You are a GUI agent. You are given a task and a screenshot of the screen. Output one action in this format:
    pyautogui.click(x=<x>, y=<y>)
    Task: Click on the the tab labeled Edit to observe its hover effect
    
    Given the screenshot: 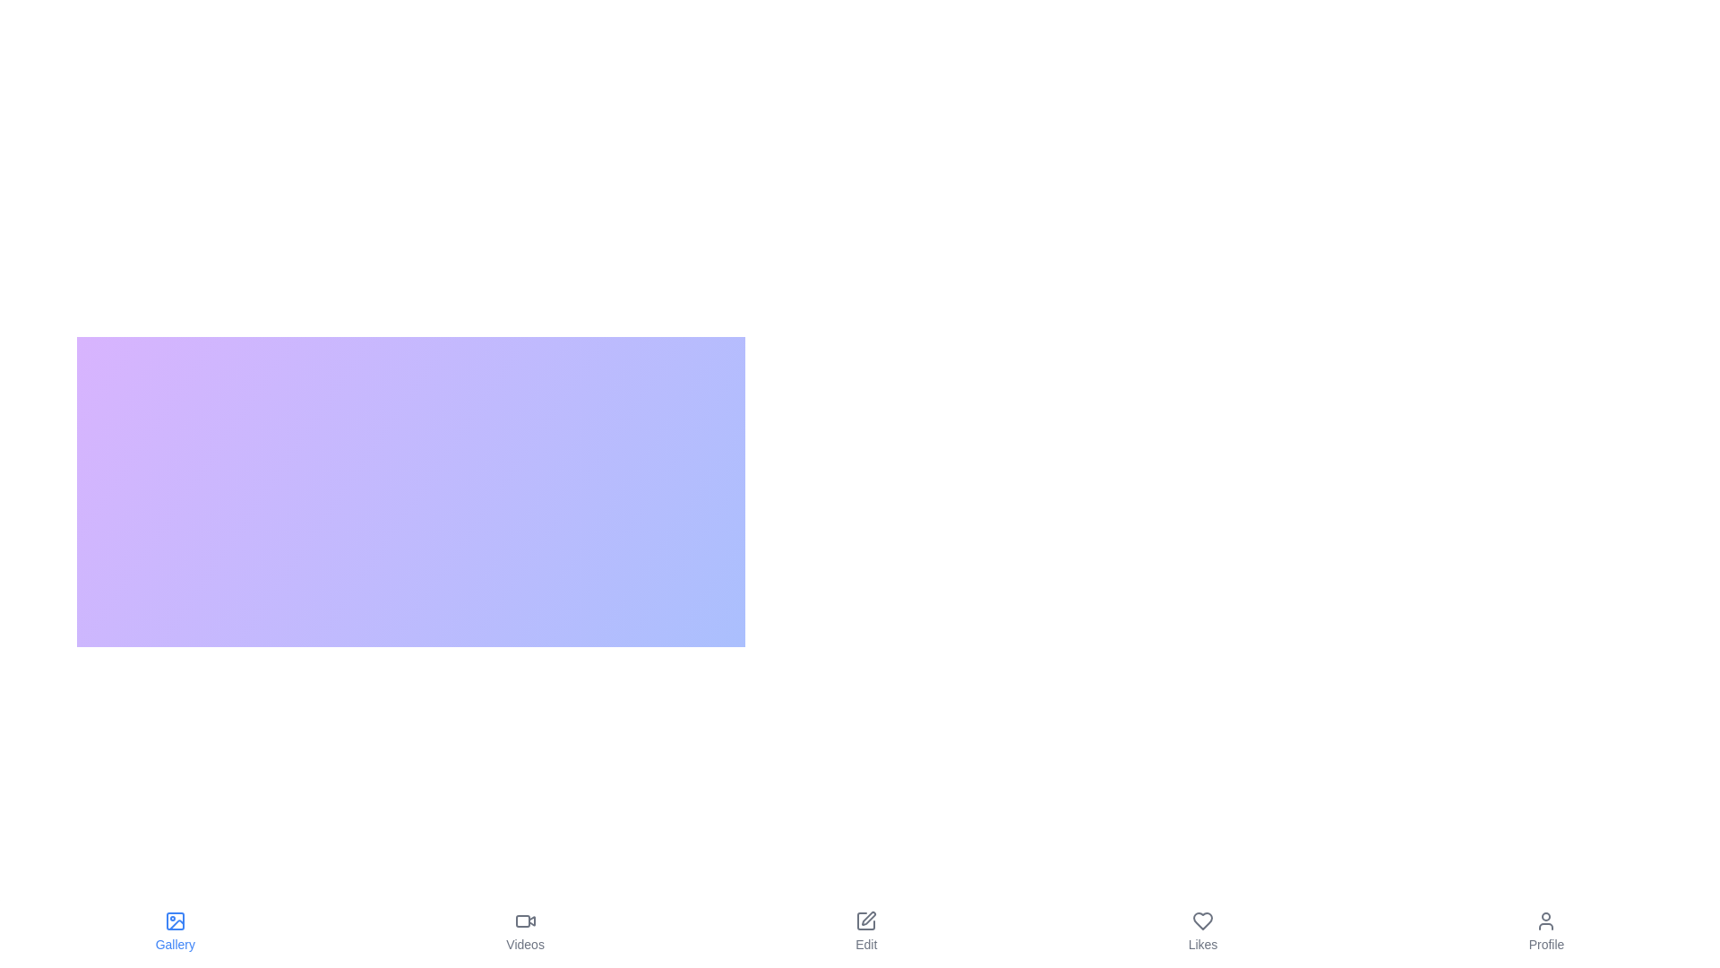 What is the action you would take?
    pyautogui.click(x=865, y=931)
    